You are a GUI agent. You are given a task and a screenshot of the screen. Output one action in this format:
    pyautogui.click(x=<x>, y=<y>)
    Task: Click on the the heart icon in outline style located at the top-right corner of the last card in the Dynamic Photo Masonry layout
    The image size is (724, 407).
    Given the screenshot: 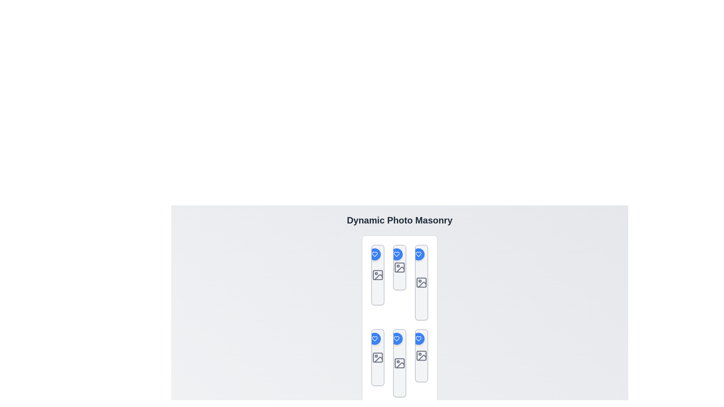 What is the action you would take?
    pyautogui.click(x=418, y=338)
    